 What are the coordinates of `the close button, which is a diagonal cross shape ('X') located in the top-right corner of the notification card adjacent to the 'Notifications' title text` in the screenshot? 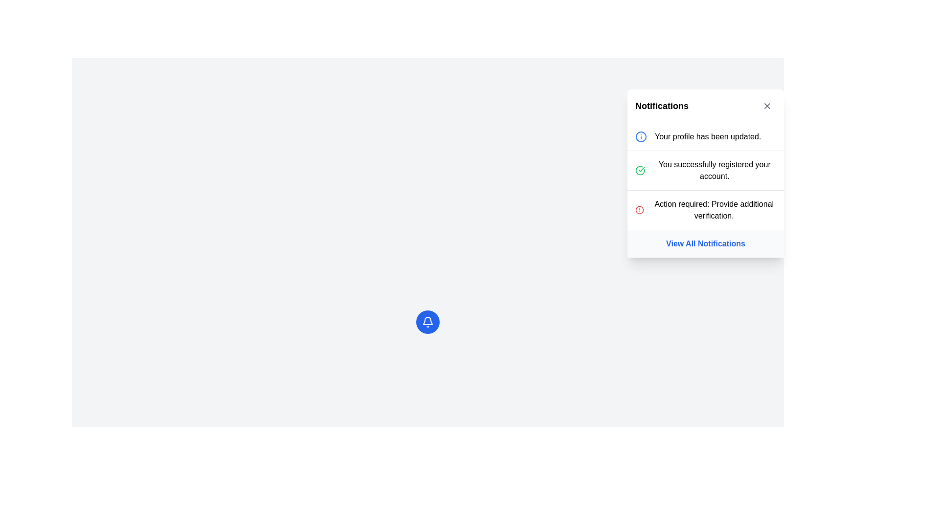 It's located at (767, 106).